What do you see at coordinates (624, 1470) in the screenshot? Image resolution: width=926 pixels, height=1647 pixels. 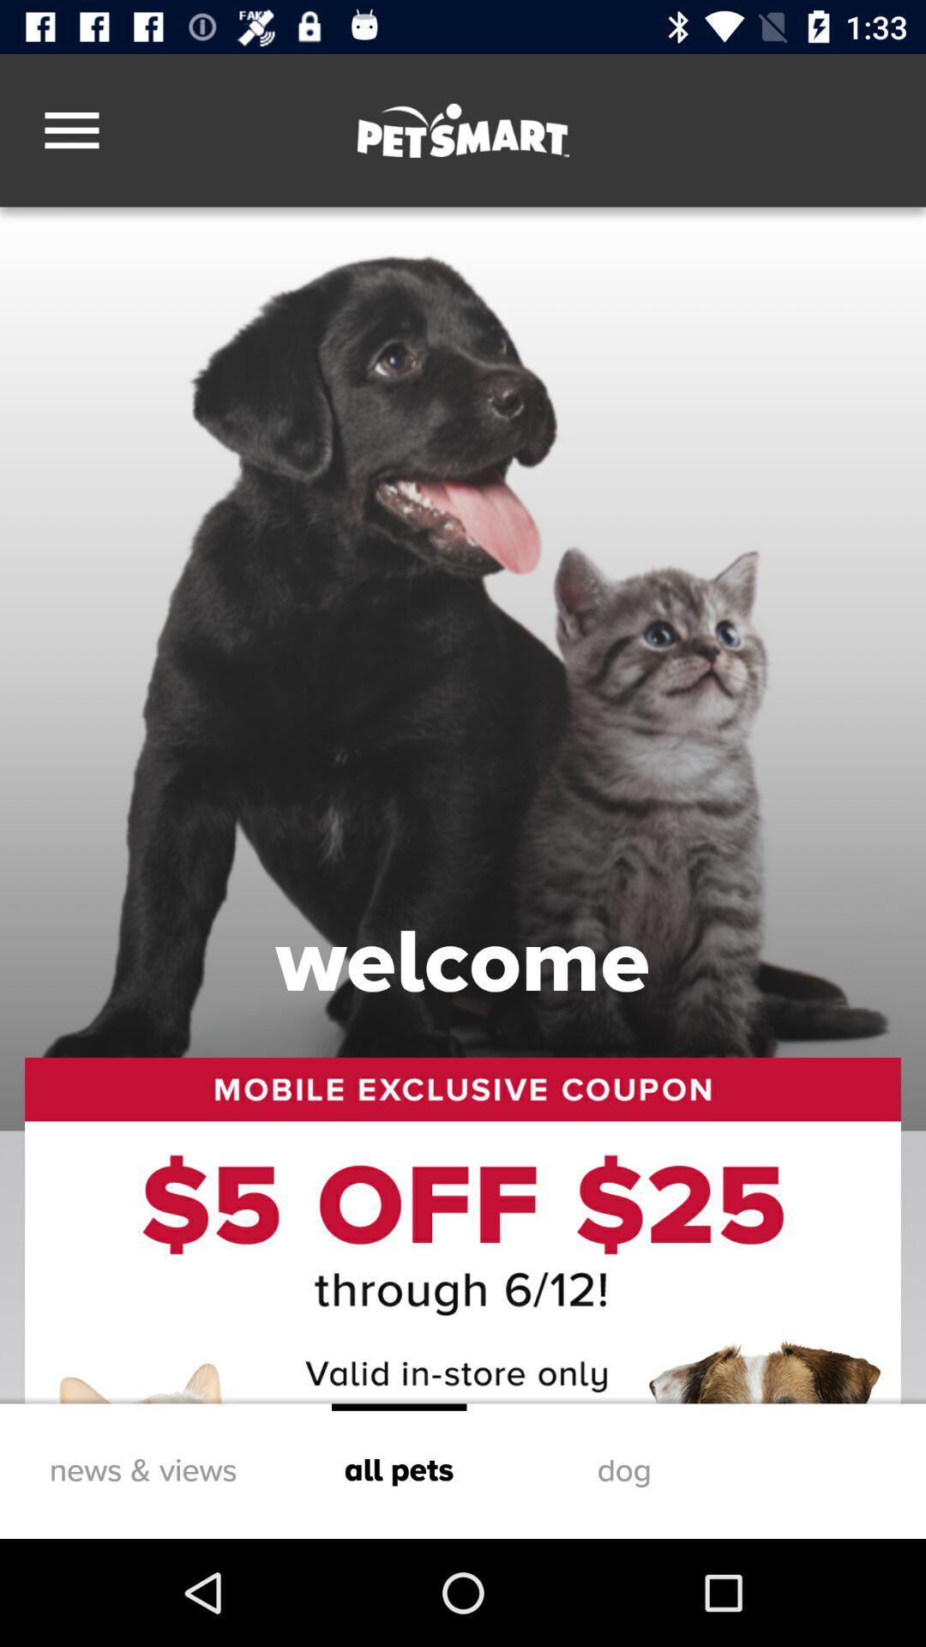 I see `the item at the bottom right corner` at bounding box center [624, 1470].